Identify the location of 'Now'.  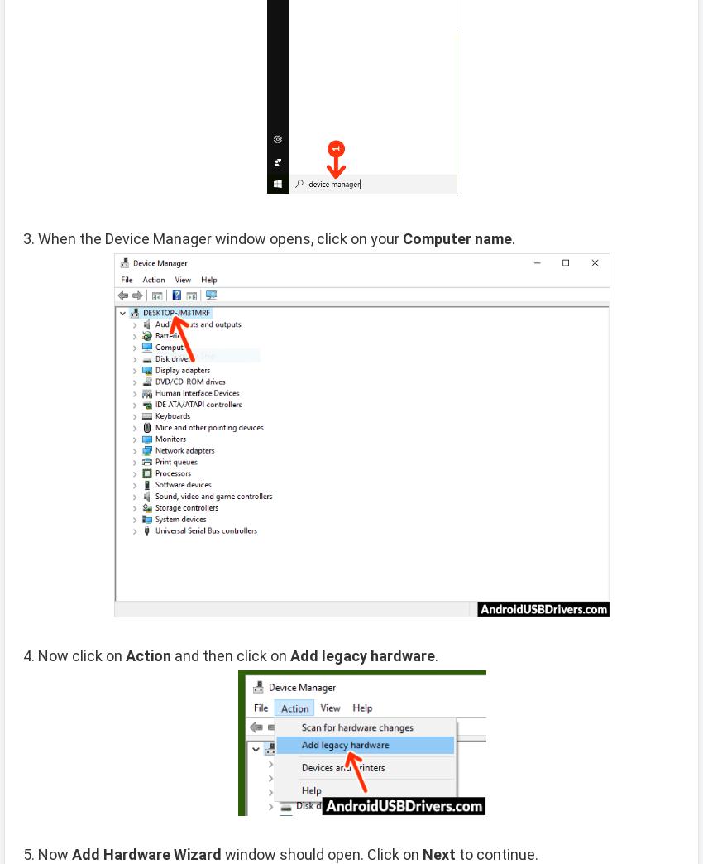
(55, 853).